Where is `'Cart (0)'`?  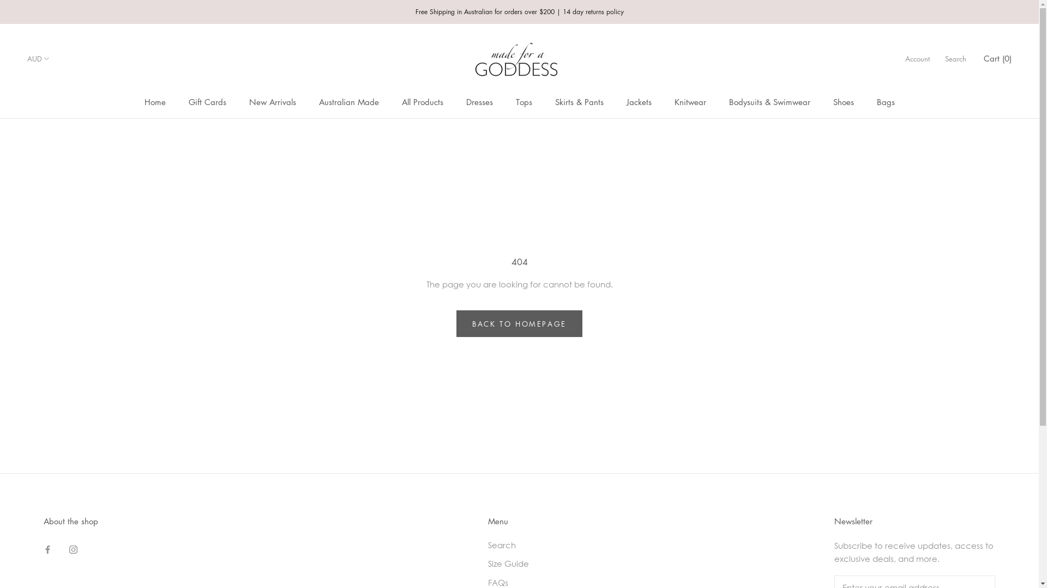 'Cart (0)' is located at coordinates (984, 58).